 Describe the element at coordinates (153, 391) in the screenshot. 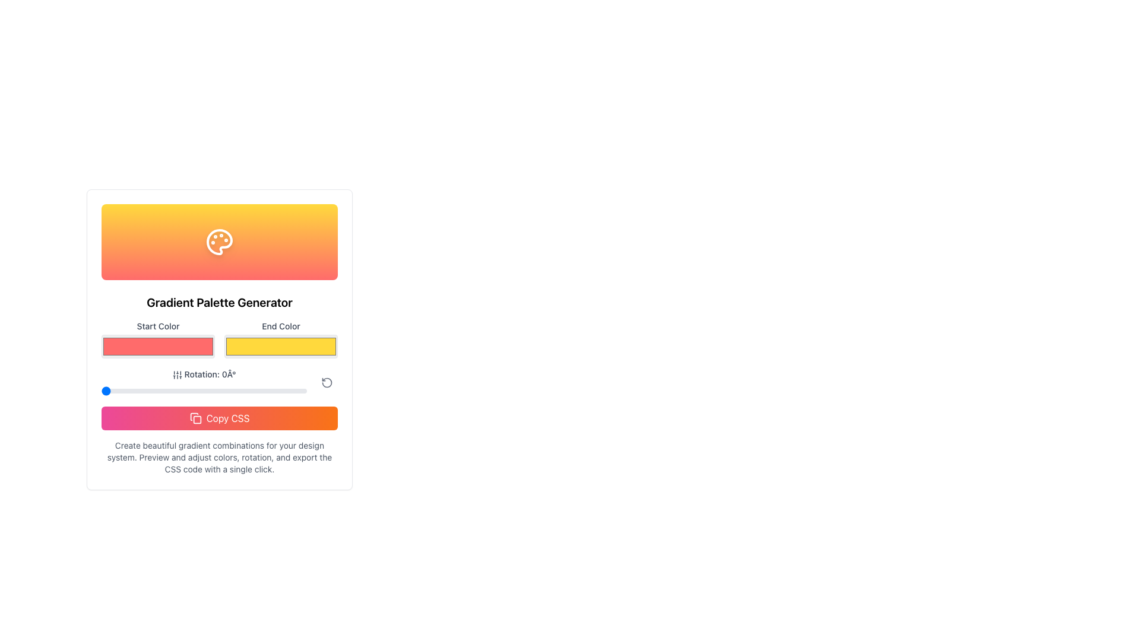

I see `the rotation` at that location.